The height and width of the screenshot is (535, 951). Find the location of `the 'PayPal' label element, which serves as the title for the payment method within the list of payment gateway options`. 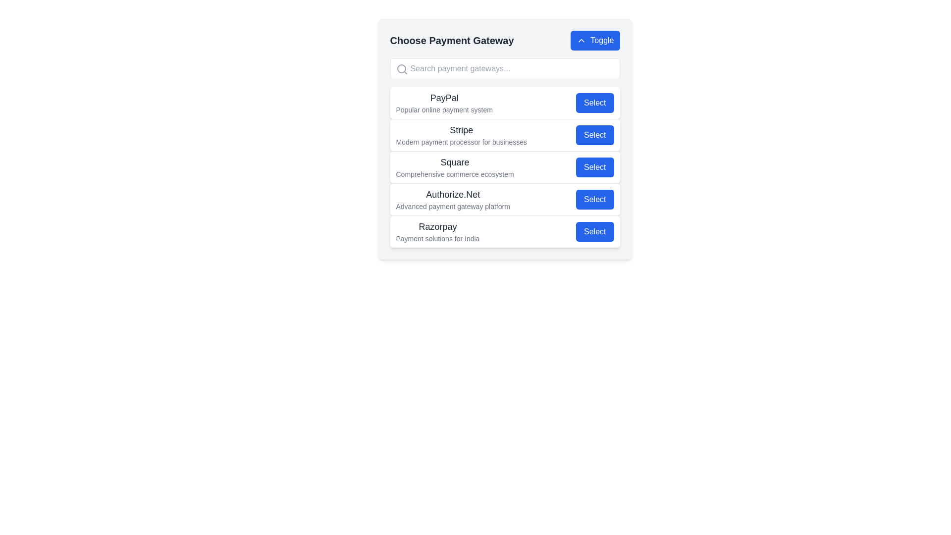

the 'PayPal' label element, which serves as the title for the payment method within the list of payment gateway options is located at coordinates (444, 98).